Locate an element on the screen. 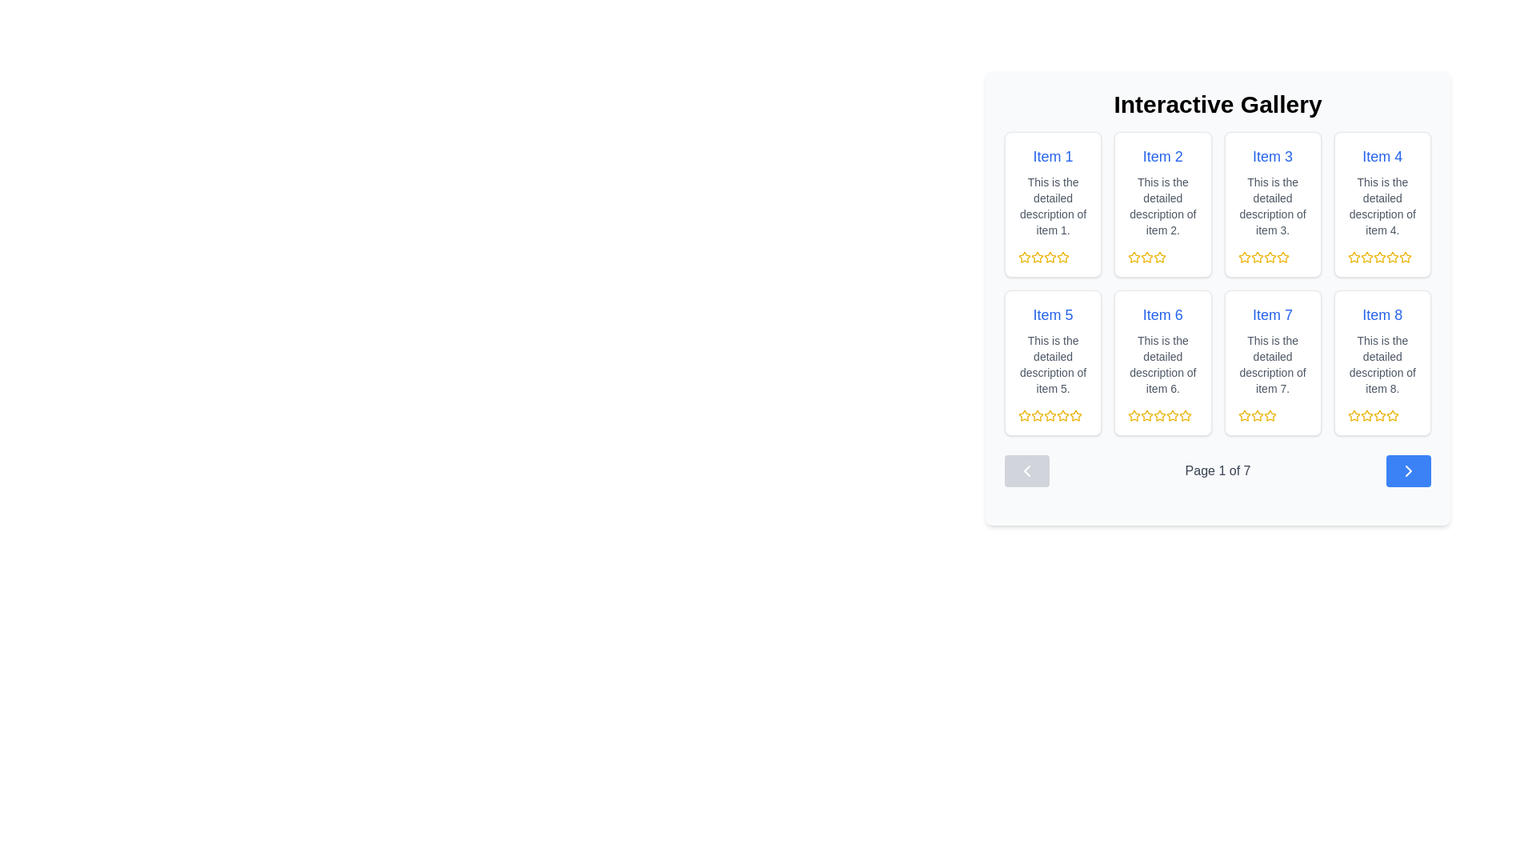 This screenshot has width=1536, height=864. the chevron icon located in the bottom-right corner of the panel is located at coordinates (1409, 470).